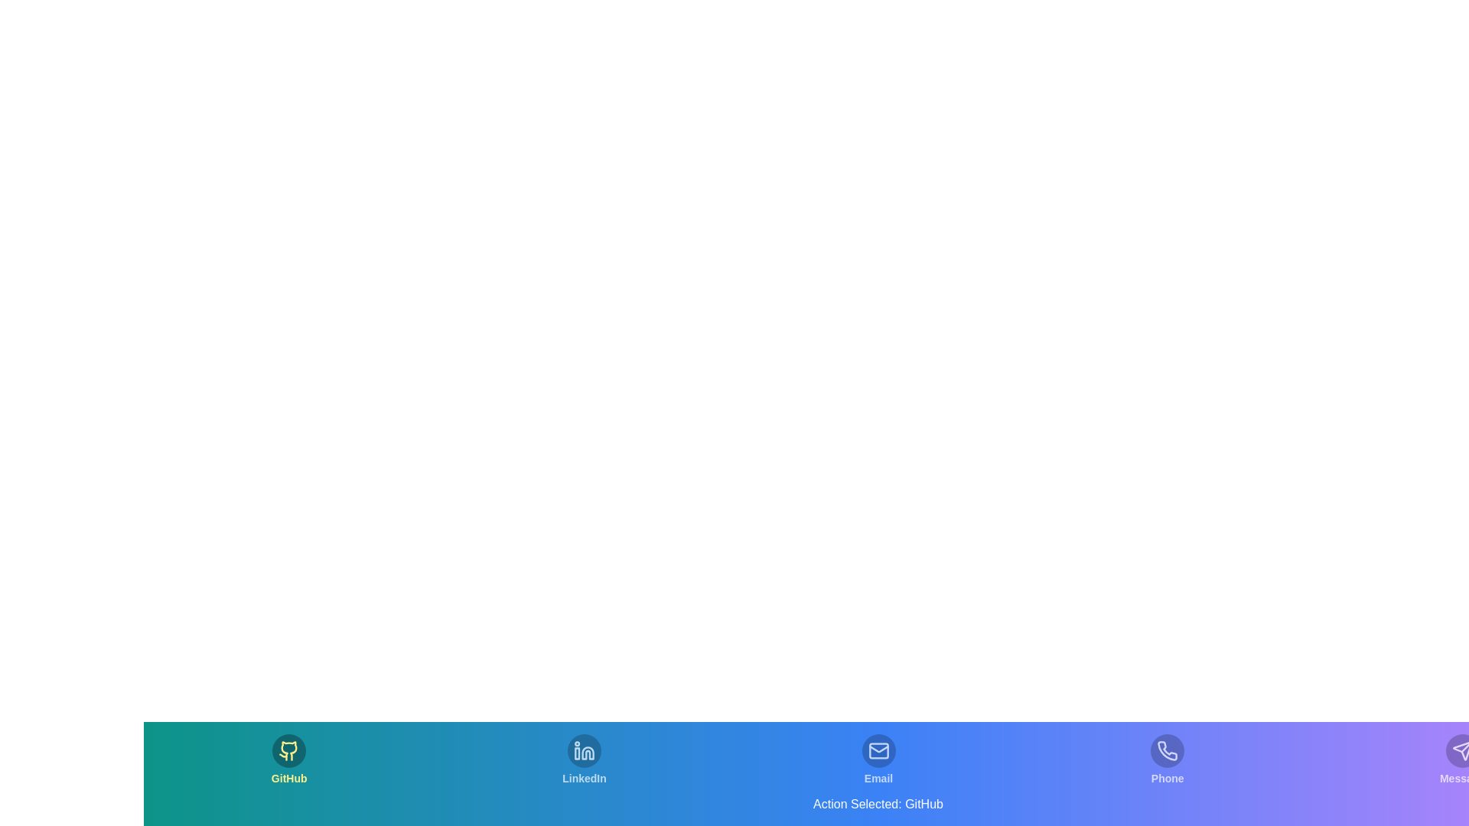  Describe the element at coordinates (1461, 760) in the screenshot. I see `the icon labeled Message to observe its hover effect` at that location.